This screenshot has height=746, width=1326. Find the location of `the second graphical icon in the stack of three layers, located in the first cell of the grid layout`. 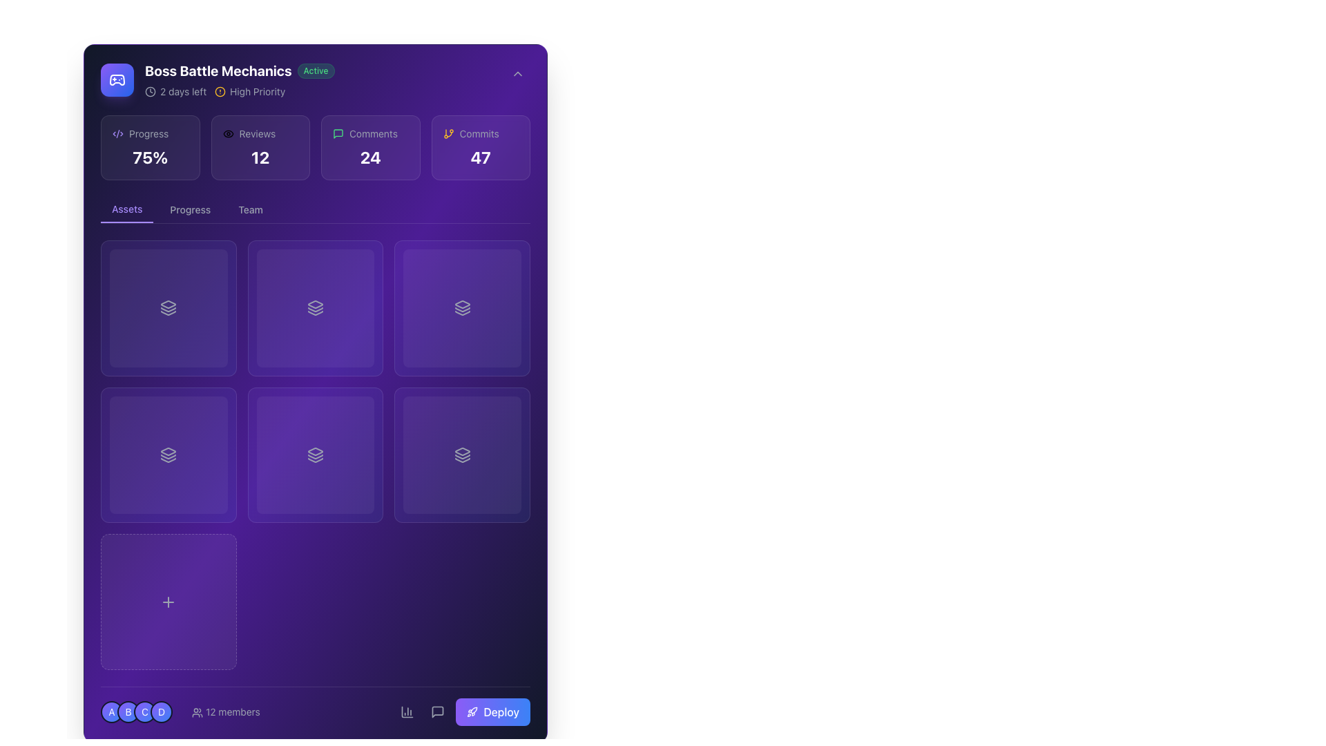

the second graphical icon in the stack of three layers, located in the first cell of the grid layout is located at coordinates (168, 309).